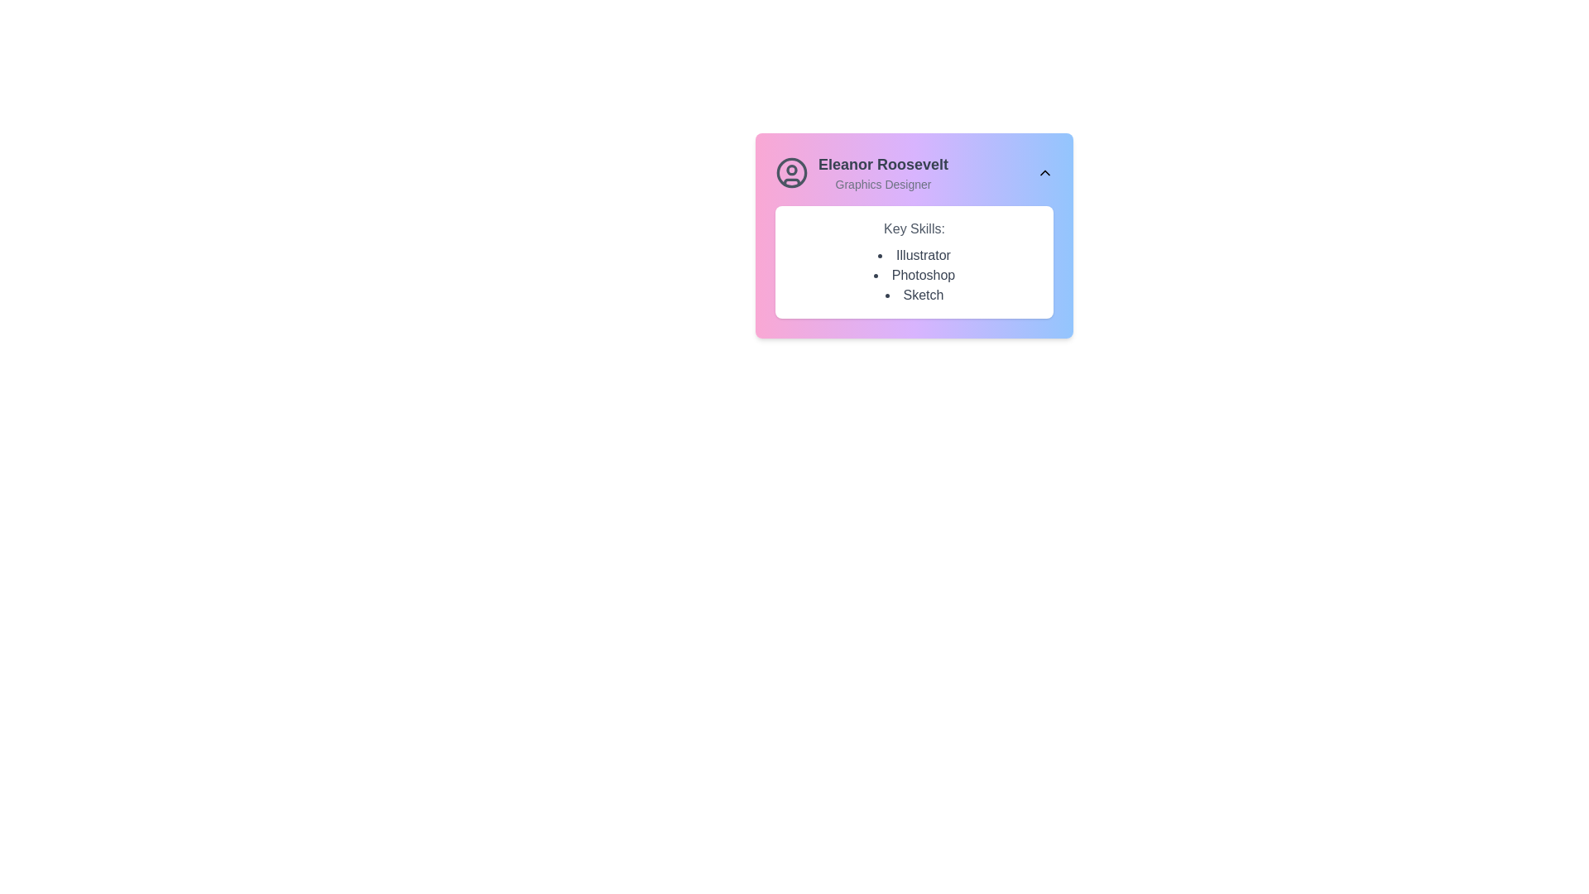  Describe the element at coordinates (913, 172) in the screenshot. I see `the header composite UI component that provides key information about the person, including their name and title` at that location.